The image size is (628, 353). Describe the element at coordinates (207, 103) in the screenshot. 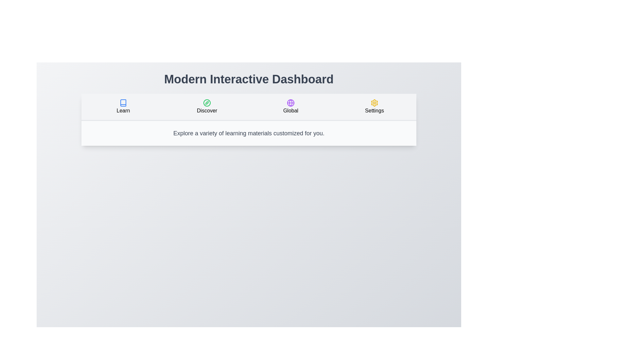

I see `the 'Discover' icon located in the top navigation bar, which directs users to exploration or discovery-related content` at that location.